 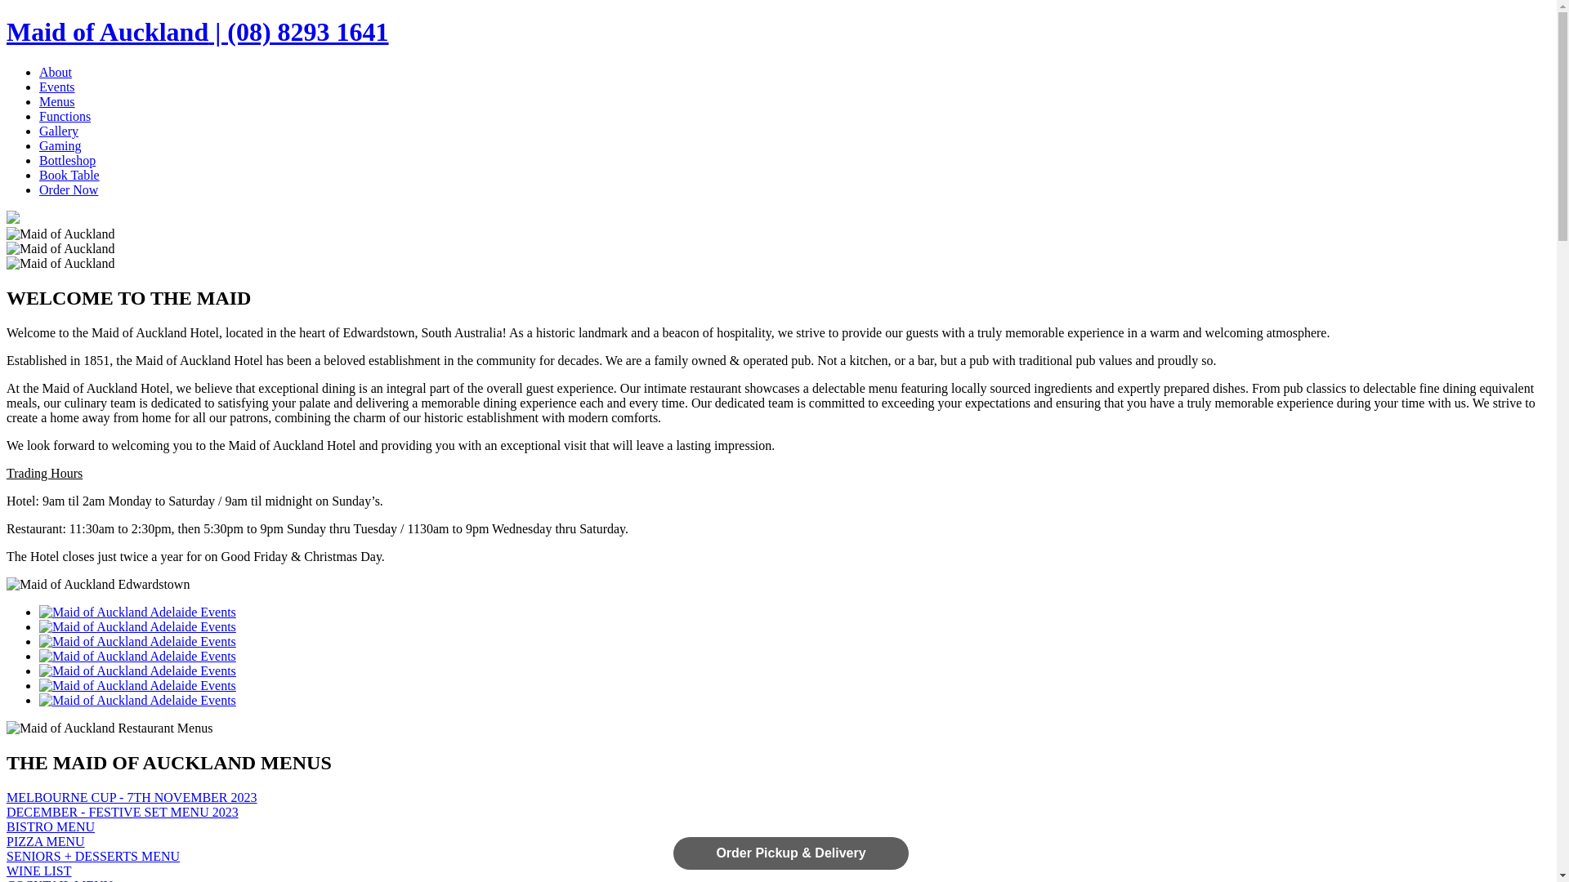 I want to click on 'PIZZA MENU', so click(x=777, y=841).